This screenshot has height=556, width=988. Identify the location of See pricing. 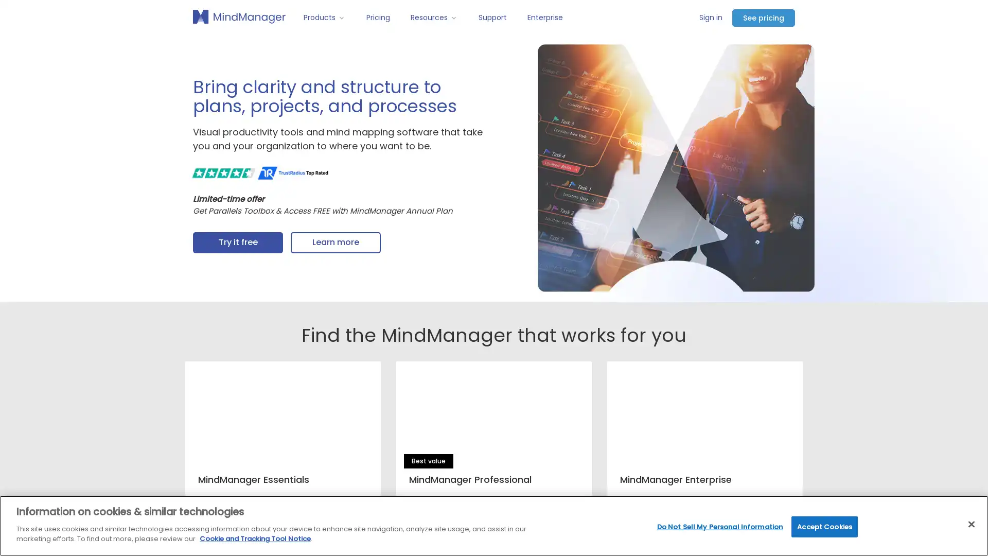
(763, 18).